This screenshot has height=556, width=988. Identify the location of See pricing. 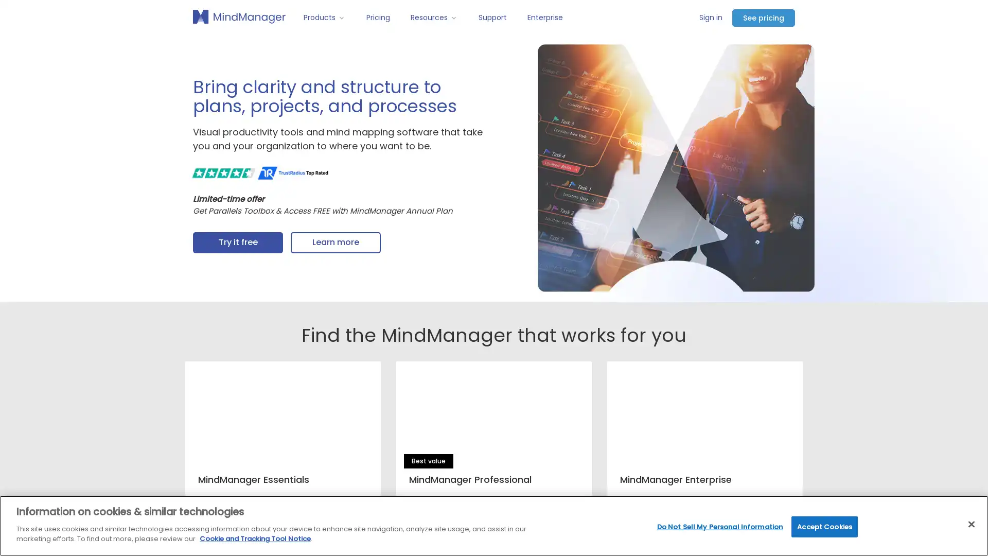
(763, 18).